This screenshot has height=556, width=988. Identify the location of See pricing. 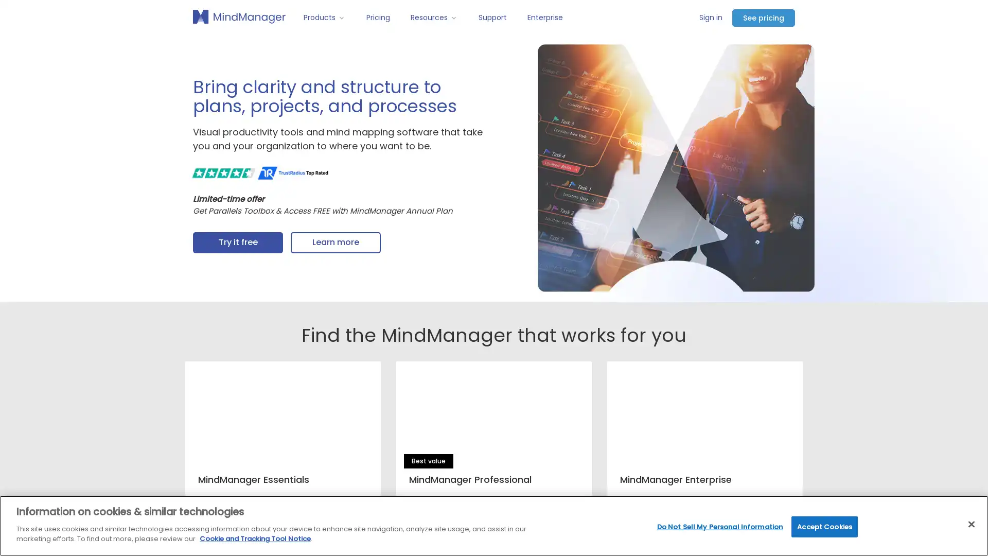
(763, 18).